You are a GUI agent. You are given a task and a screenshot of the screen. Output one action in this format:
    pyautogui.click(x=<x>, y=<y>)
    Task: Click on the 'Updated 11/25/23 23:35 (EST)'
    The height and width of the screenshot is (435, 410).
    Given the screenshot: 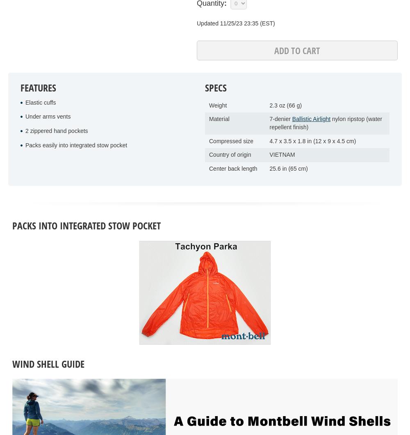 What is the action you would take?
    pyautogui.click(x=235, y=23)
    